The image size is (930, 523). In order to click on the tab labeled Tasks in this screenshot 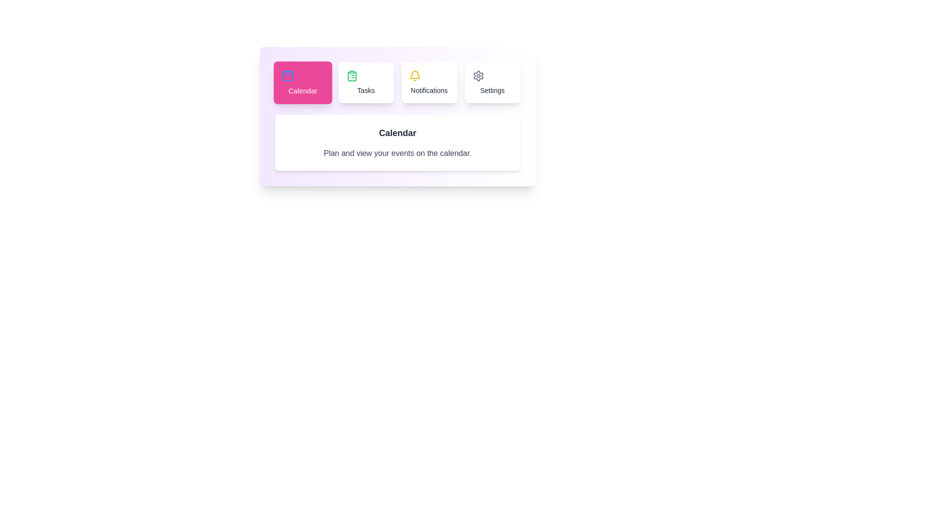, I will do `click(365, 82)`.